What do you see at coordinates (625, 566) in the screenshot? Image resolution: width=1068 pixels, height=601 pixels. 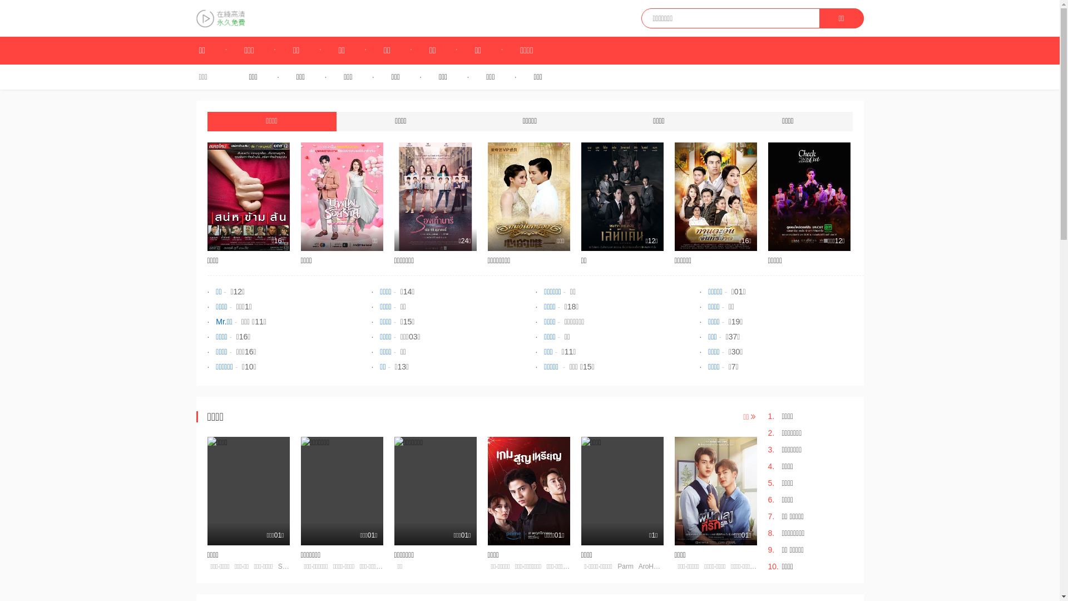 I see `'Parm'` at bounding box center [625, 566].